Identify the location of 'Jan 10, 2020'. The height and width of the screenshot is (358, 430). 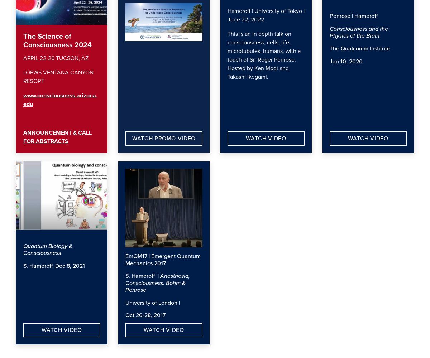
(347, 61).